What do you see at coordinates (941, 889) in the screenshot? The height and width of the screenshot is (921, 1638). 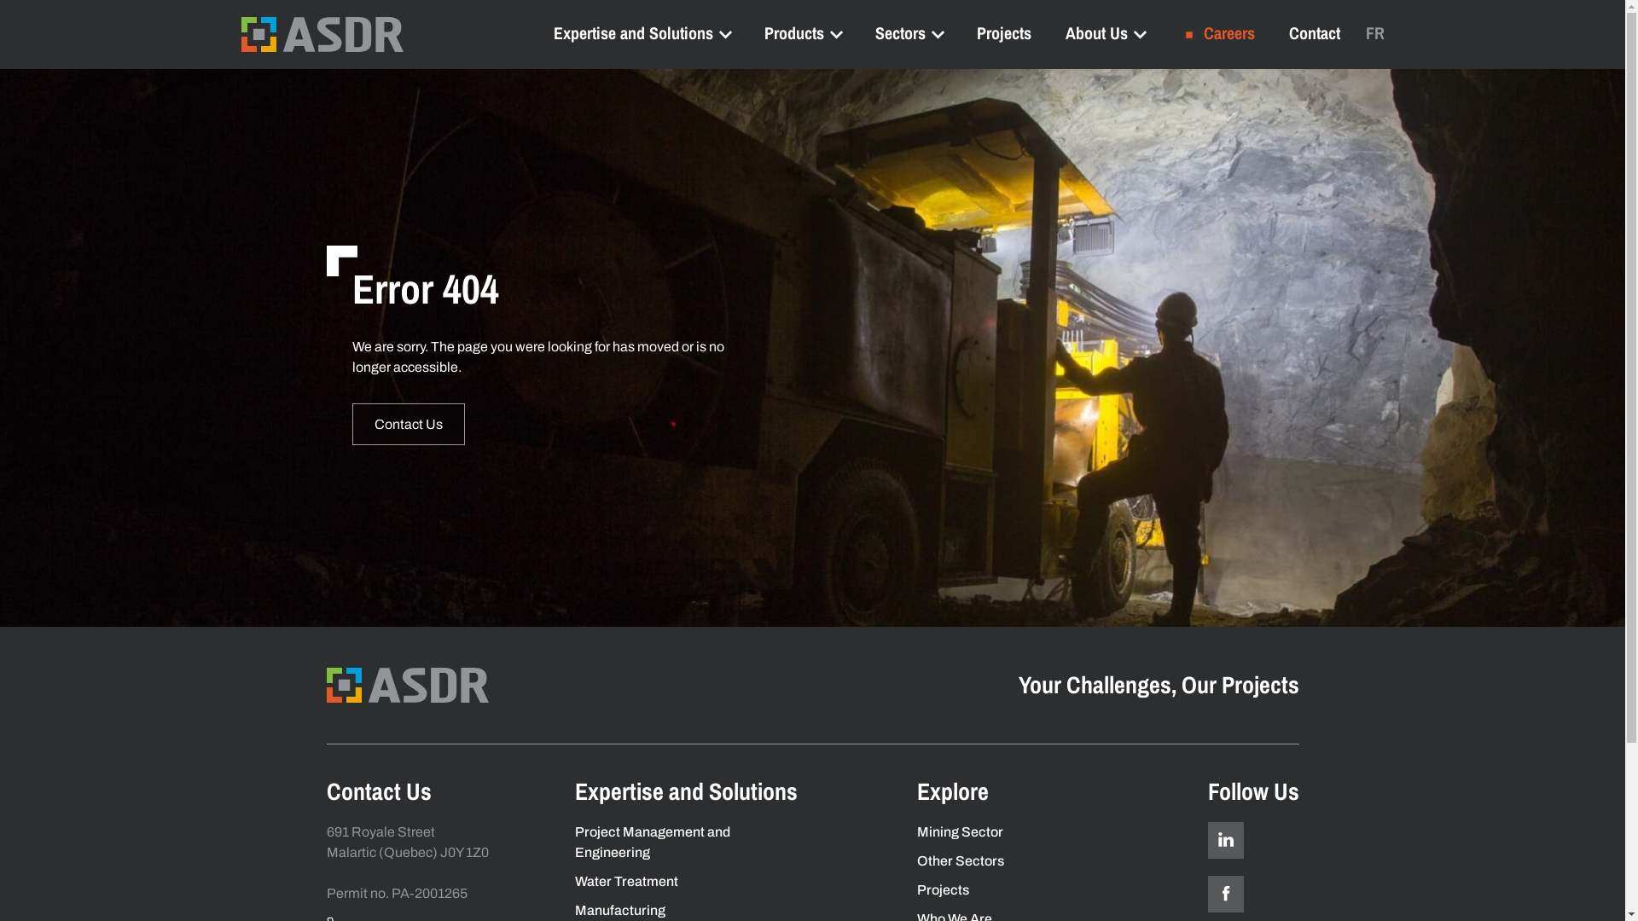 I see `'Projects'` at bounding box center [941, 889].